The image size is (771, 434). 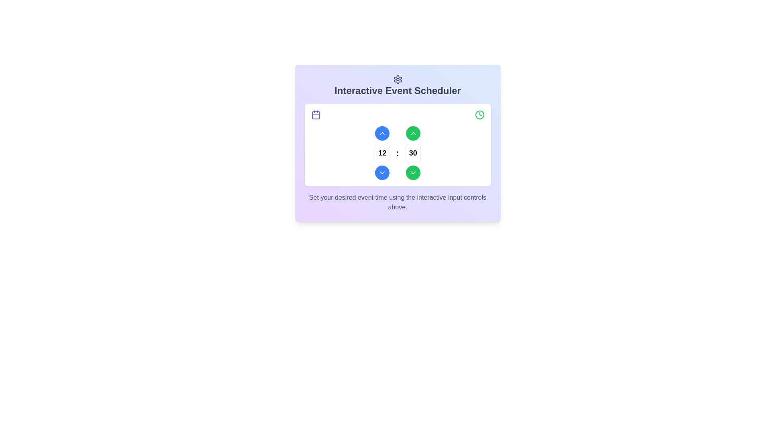 I want to click on the downward-pointing chevron icon within the interactive button located in the bottom-right corner of the event scheduler interface, so click(x=413, y=172).